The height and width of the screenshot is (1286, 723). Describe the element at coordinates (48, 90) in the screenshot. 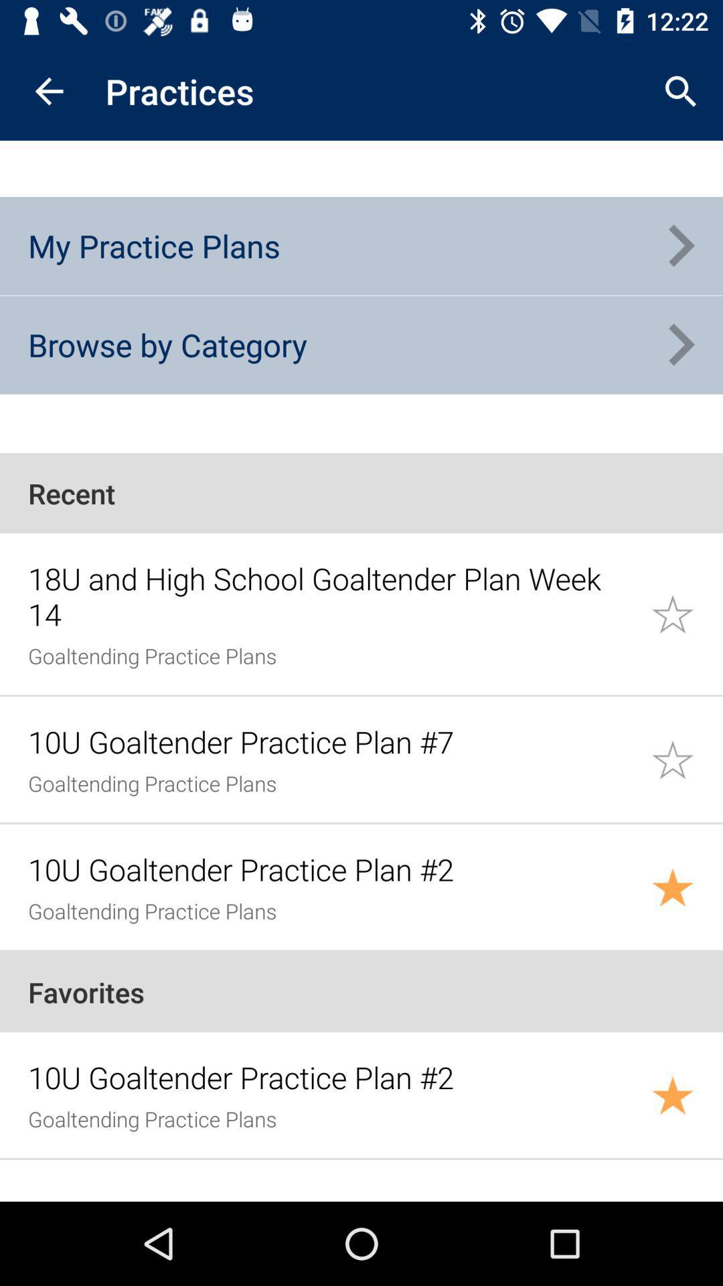

I see `the item above my practice plans icon` at that location.